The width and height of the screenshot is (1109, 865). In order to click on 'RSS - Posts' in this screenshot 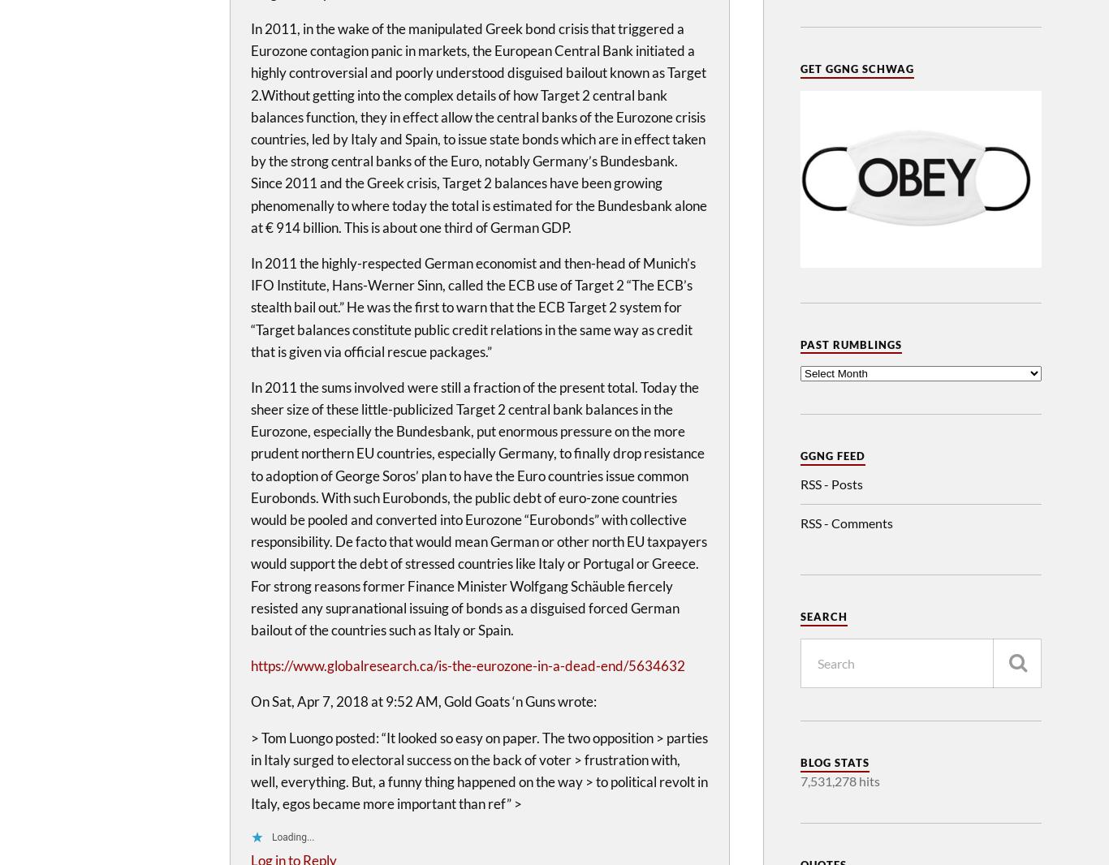, I will do `click(831, 483)`.